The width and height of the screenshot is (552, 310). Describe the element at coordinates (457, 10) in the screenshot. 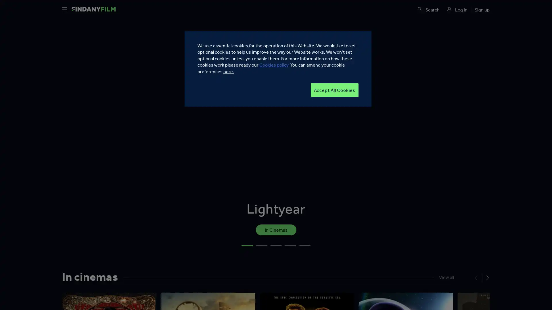

I see `https://d46ogo31onq80.cloudfront.net/master-12c31a25-5dbd-40fc-bf1b-0826cbf743eb/static/media/user.c290f970.svg Log In` at that location.